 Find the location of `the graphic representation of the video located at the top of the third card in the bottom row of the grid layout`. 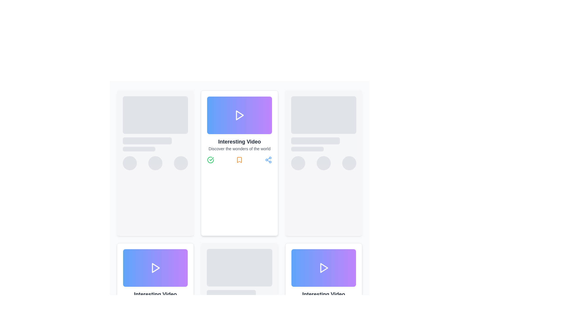

the graphic representation of the video located at the top of the third card in the bottom row of the grid layout is located at coordinates (323, 268).